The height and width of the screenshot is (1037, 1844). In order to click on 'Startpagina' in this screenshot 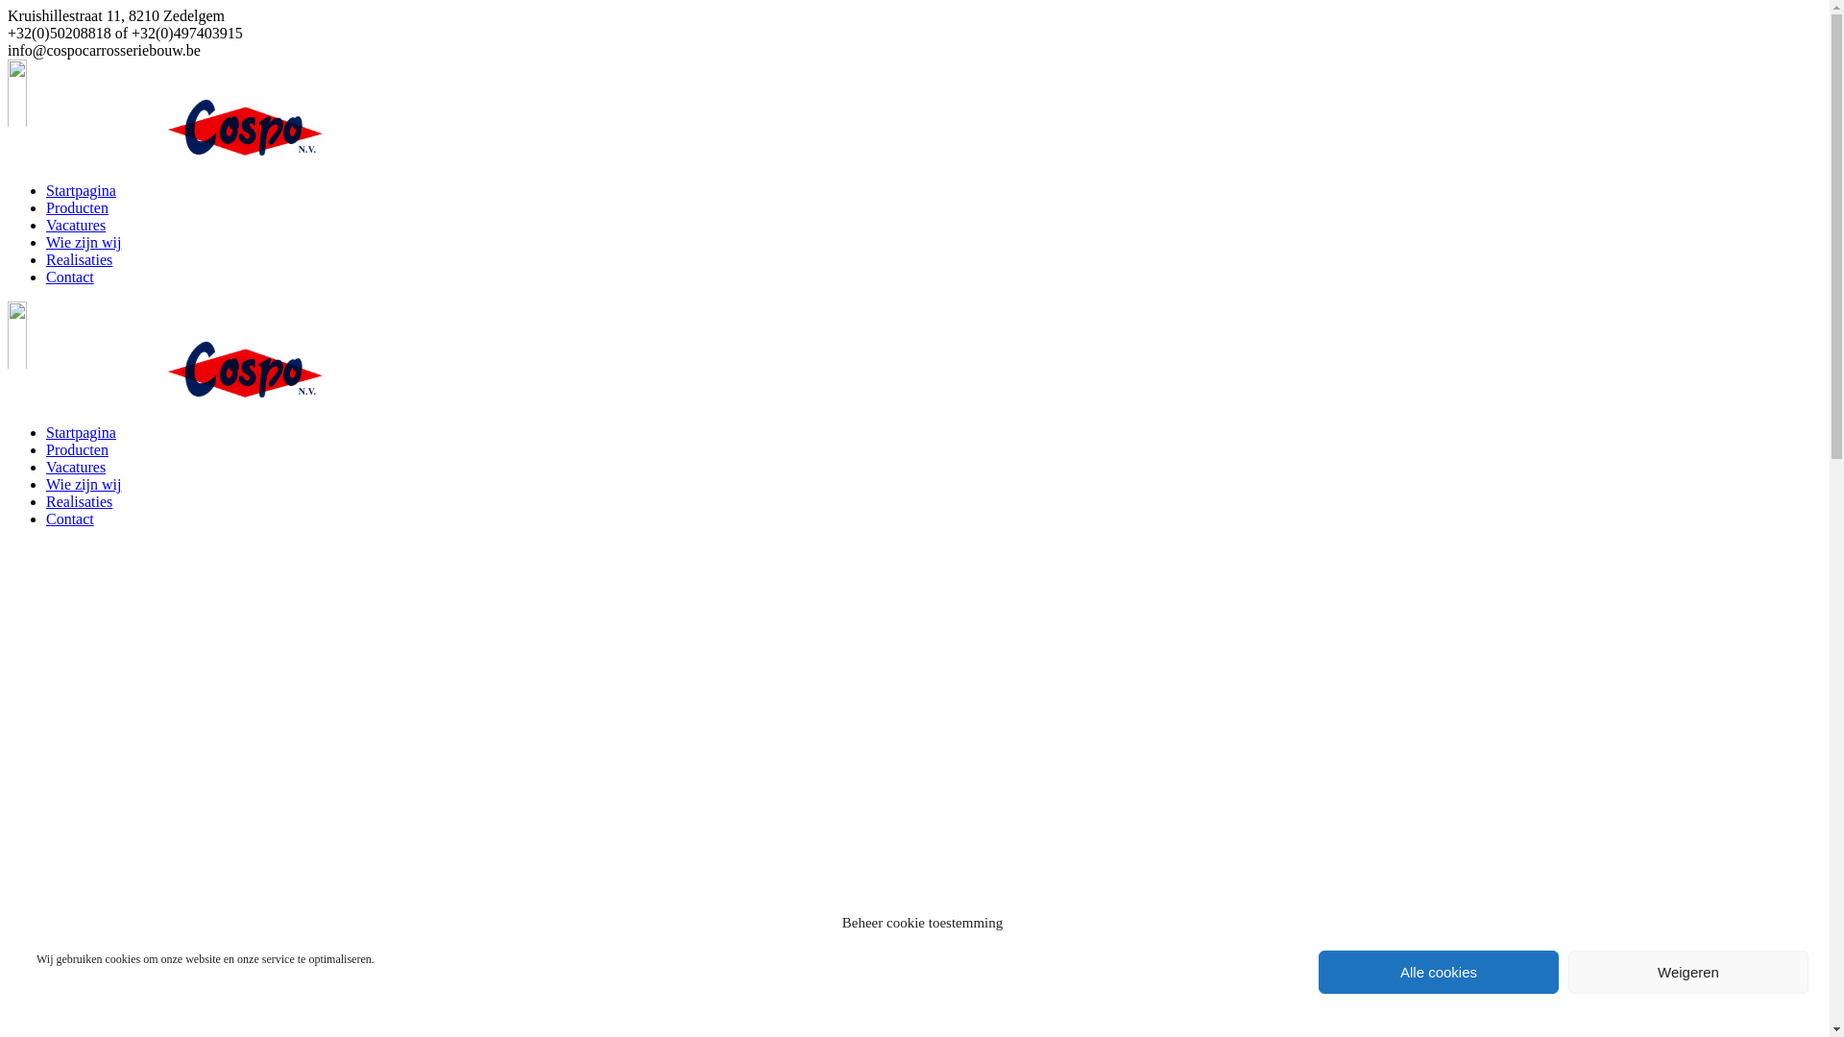, I will do `click(80, 190)`.